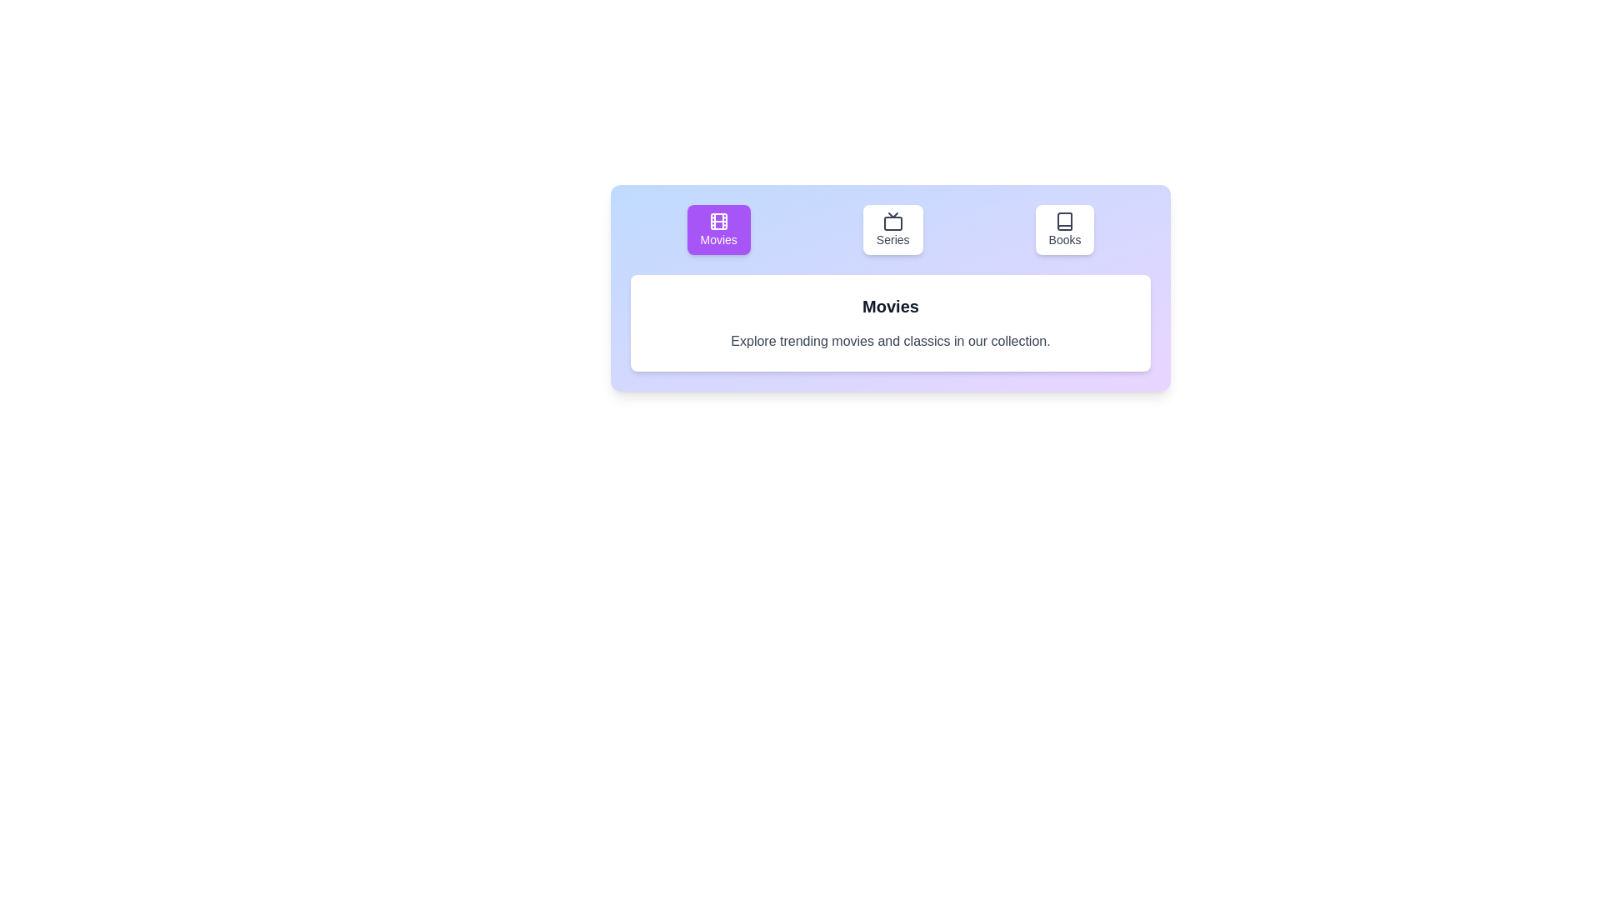 The image size is (1600, 900). What do you see at coordinates (718, 230) in the screenshot?
I see `the tab labeled Movies to observe its hover effect` at bounding box center [718, 230].